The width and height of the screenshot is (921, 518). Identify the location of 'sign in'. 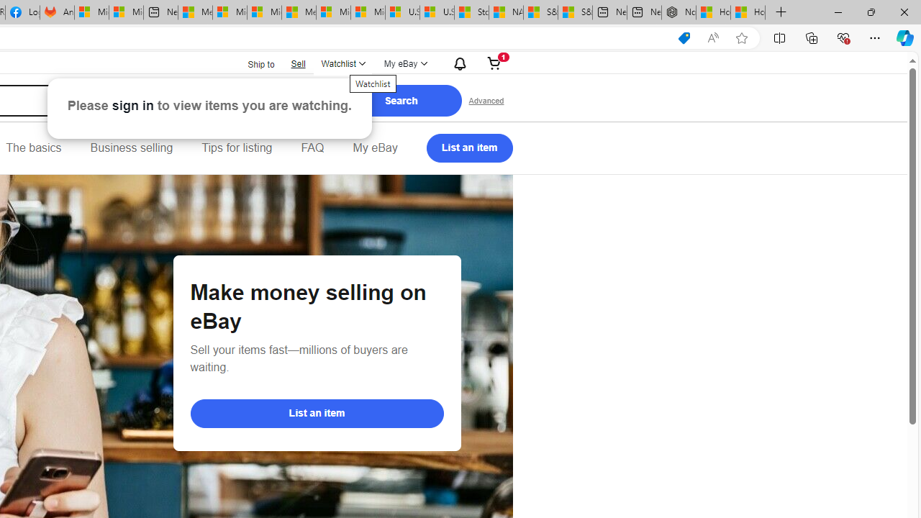
(132, 104).